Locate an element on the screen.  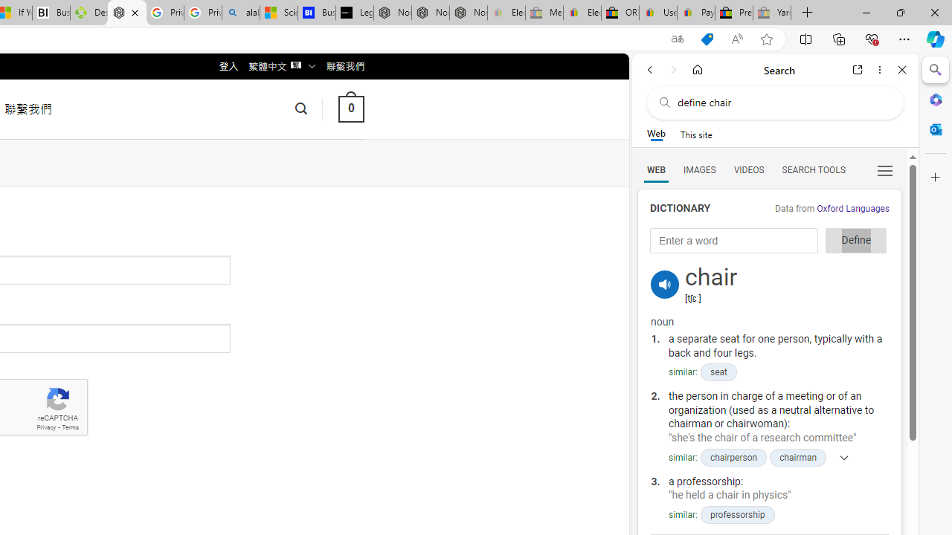
'Descarga Driver Updater' is located at coordinates (88, 13).